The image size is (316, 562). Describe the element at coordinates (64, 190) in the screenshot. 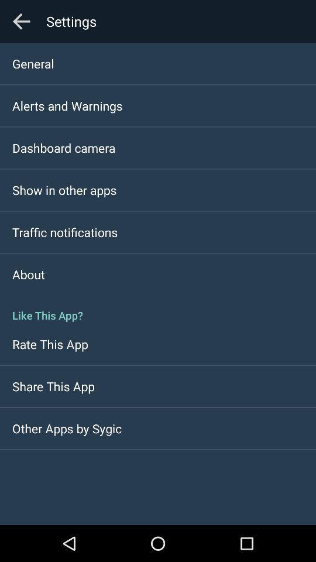

I see `the show in other icon` at that location.